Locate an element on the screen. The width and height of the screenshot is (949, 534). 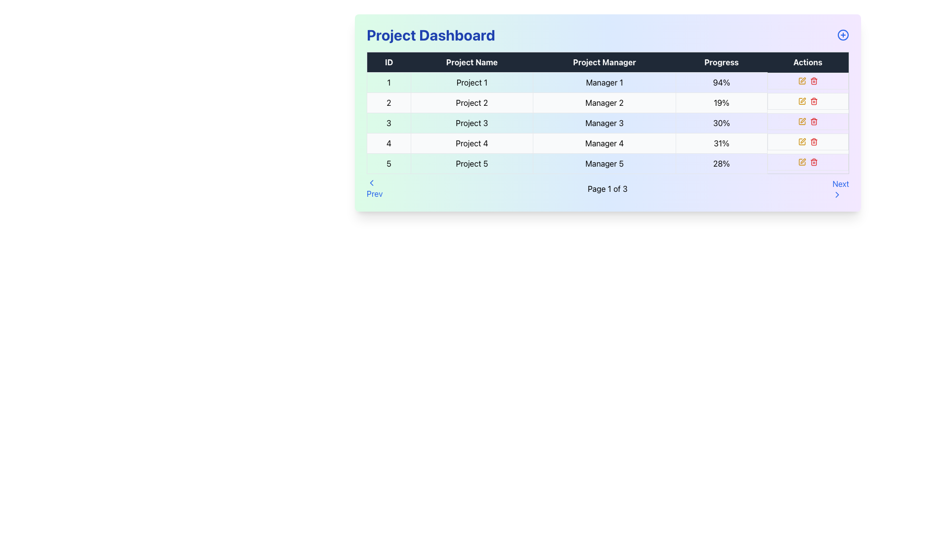
the edit icon in the 'Actions' column of the row for 'Project 3' is located at coordinates (802, 121).